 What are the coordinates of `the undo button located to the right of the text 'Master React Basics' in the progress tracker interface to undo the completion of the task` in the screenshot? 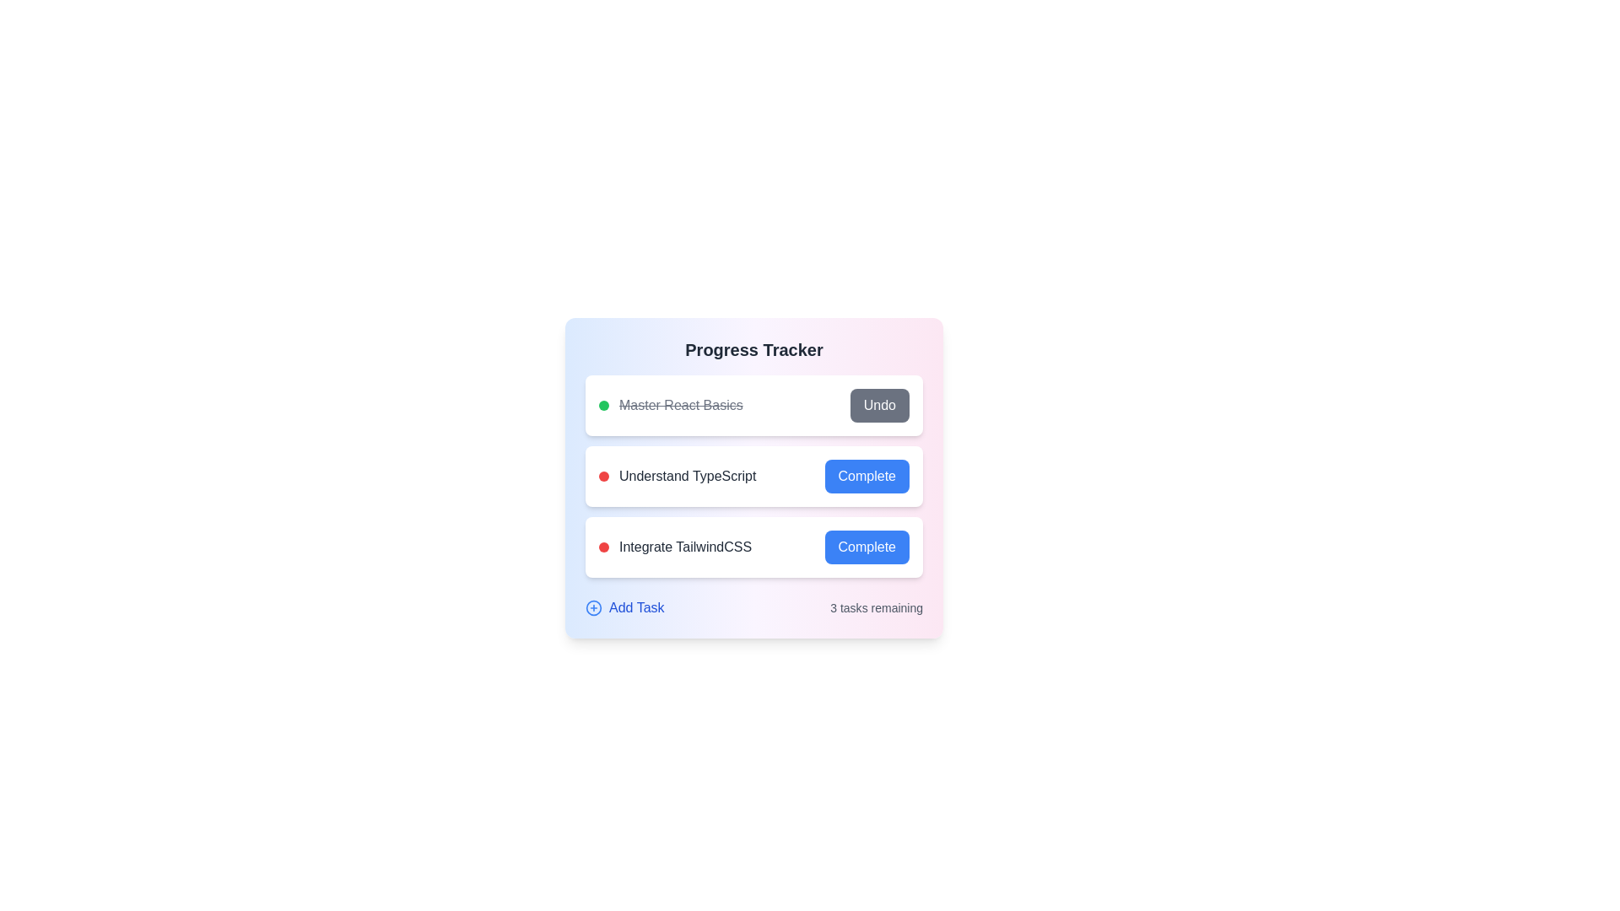 It's located at (878, 406).